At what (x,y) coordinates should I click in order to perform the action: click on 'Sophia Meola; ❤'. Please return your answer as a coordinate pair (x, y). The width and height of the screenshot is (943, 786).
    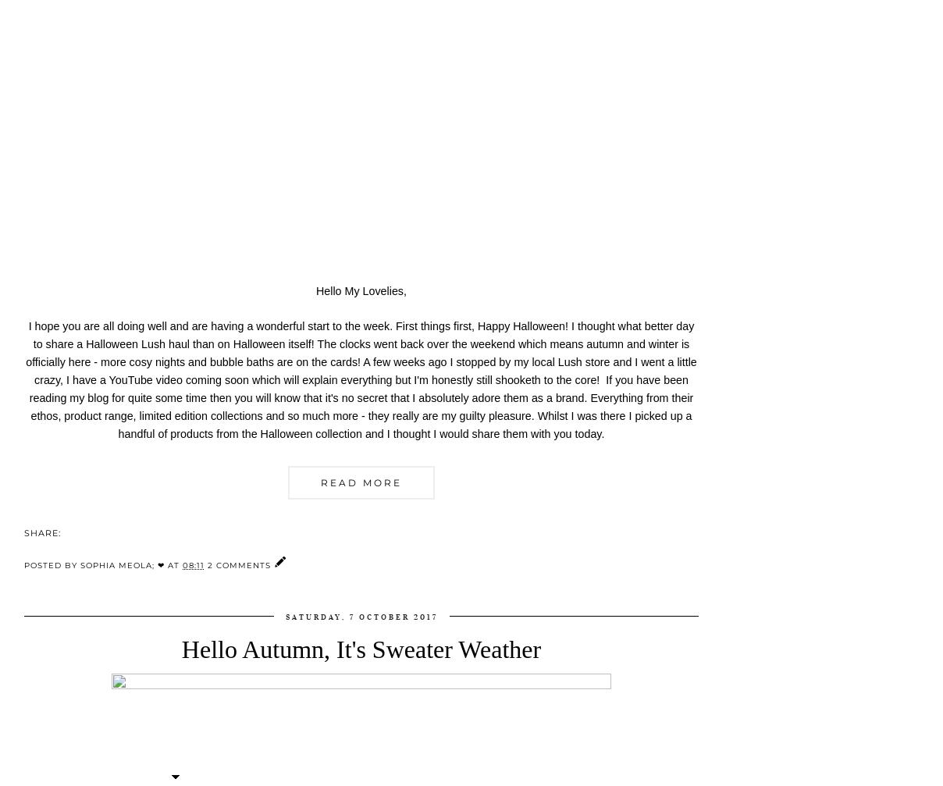
    Looking at the image, I should click on (123, 564).